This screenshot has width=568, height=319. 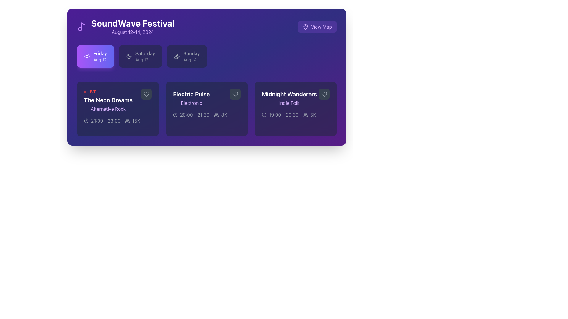 I want to click on displayed text '5K' from the text label indicating the number of attendees for the event 'Midnight Wanderers', located within the event card that is third in the row, so click(x=313, y=115).